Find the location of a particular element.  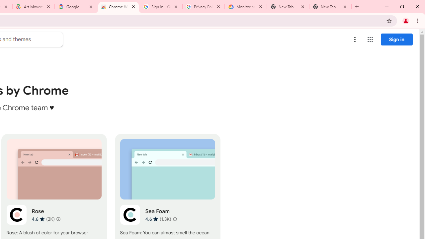

'Google' is located at coordinates (76, 7).